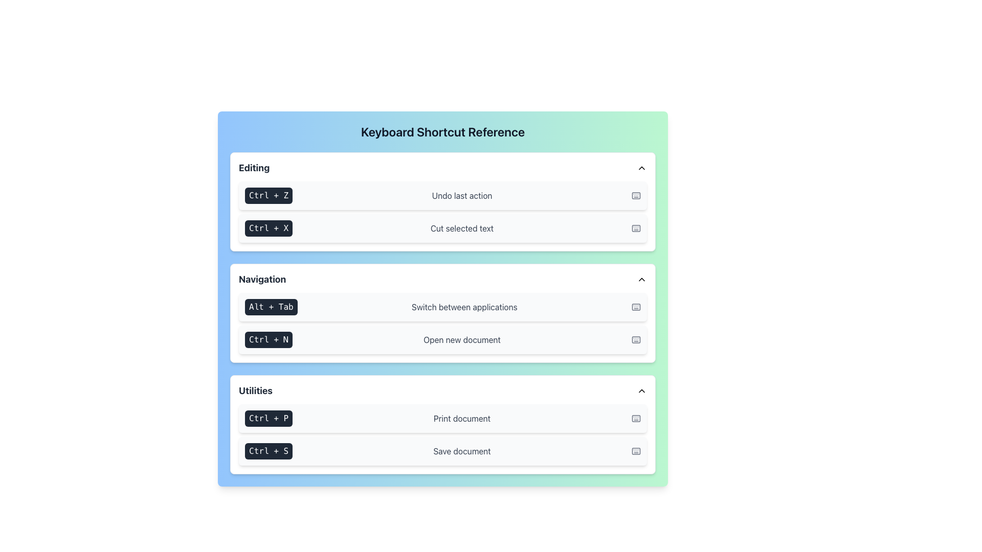 The width and height of the screenshot is (982, 552). I want to click on the label indicating the keyboard shortcut (Ctrl + N) for opening a new document, located in the 'Navigation' section under 'Open new document.', so click(269, 339).